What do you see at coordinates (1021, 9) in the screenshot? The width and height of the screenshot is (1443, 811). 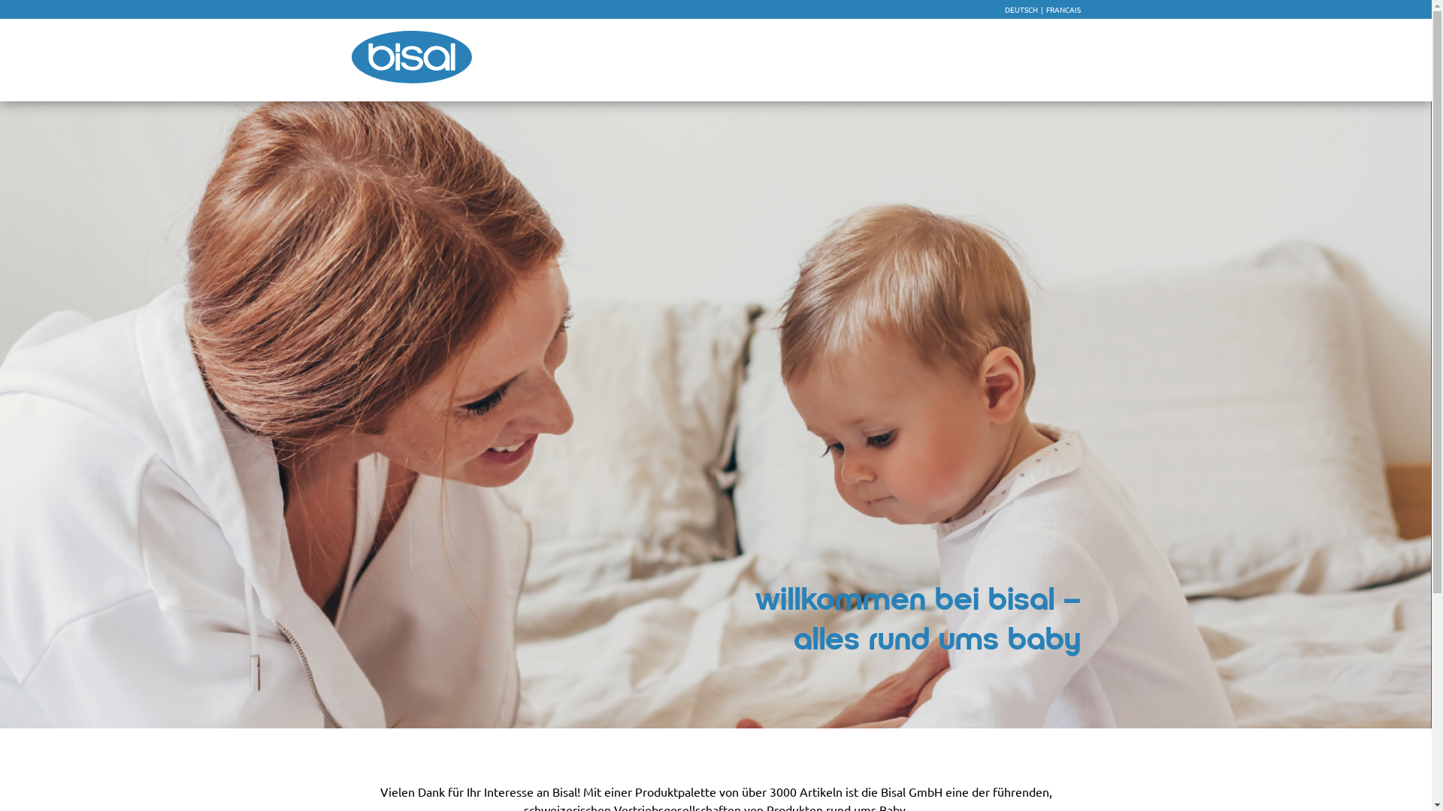 I see `'DEUTSCH'` at bounding box center [1021, 9].